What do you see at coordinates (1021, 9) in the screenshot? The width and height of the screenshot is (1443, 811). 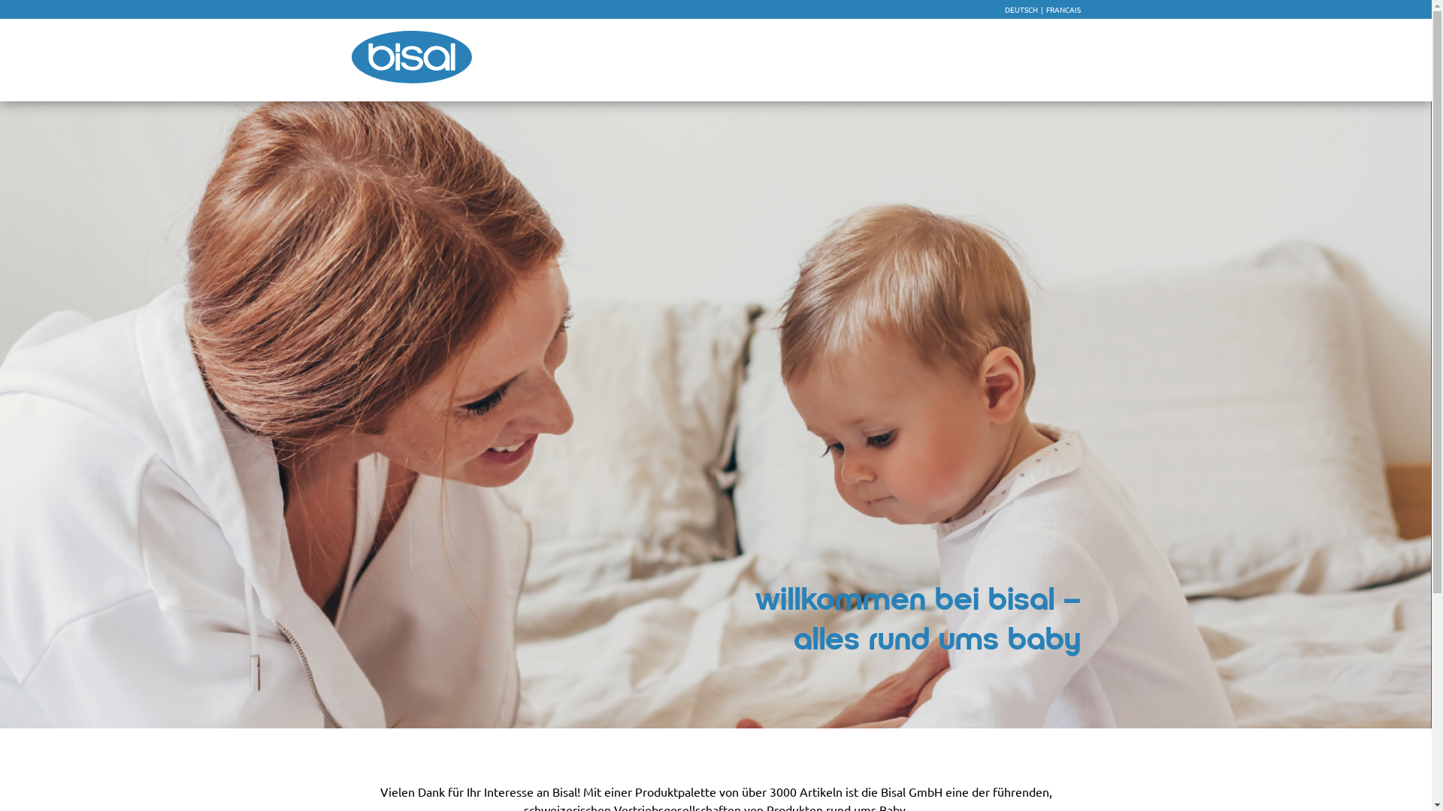 I see `'DEUTSCH'` at bounding box center [1021, 9].